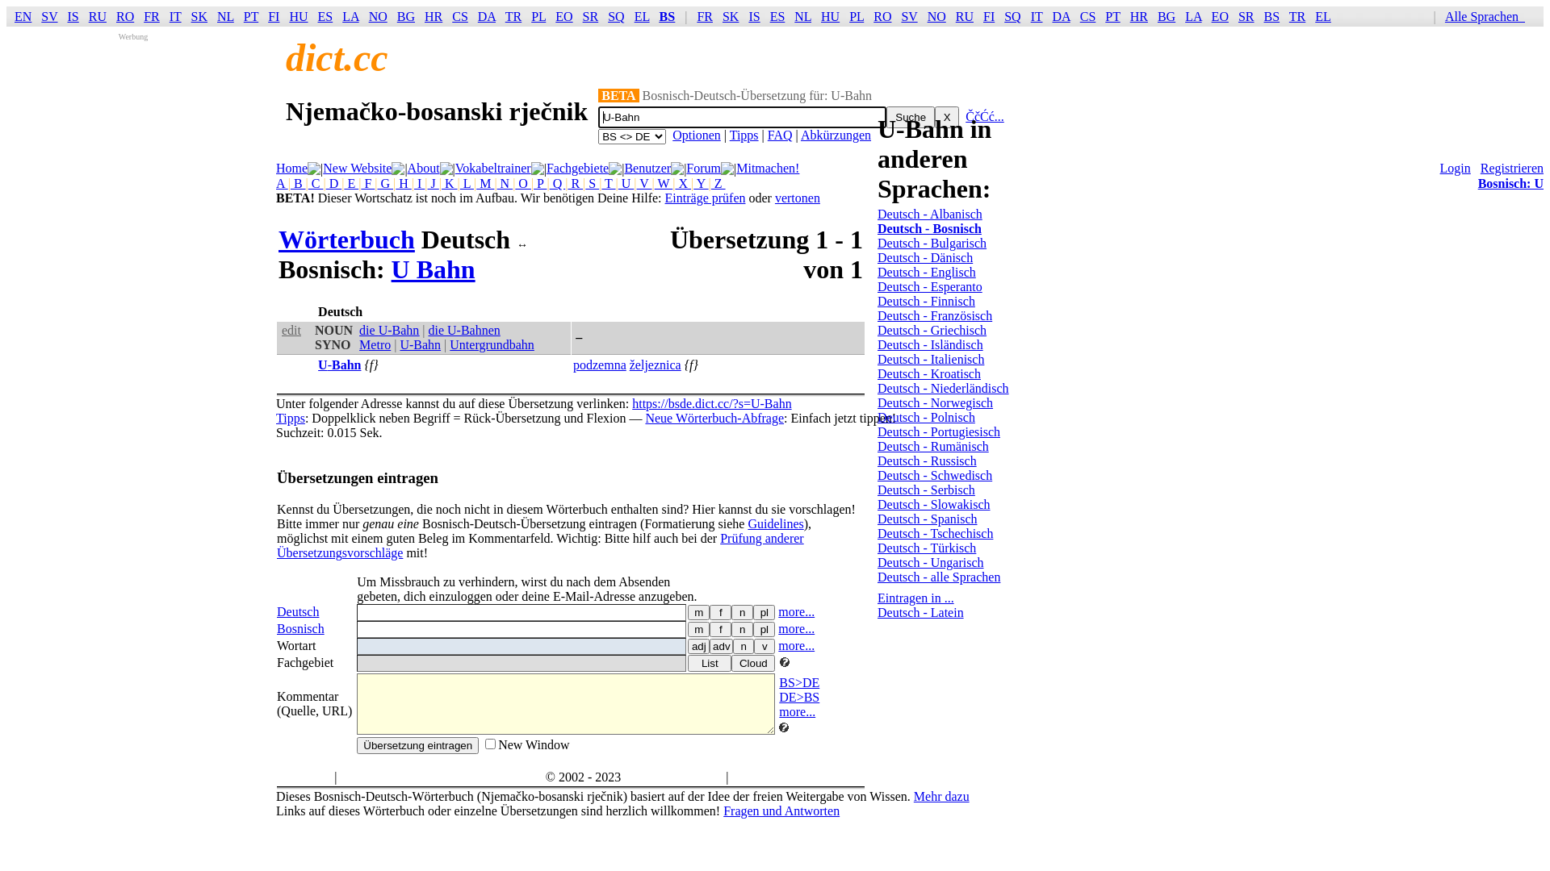  I want to click on 'Deutsch - Schwedisch', so click(934, 474).